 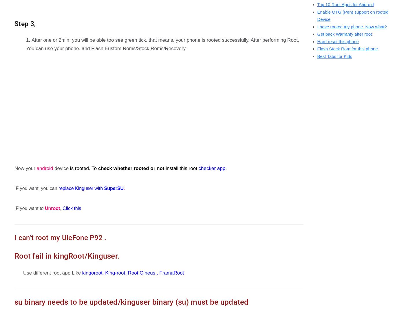 What do you see at coordinates (115, 273) in the screenshot?
I see `'King-root'` at bounding box center [115, 273].